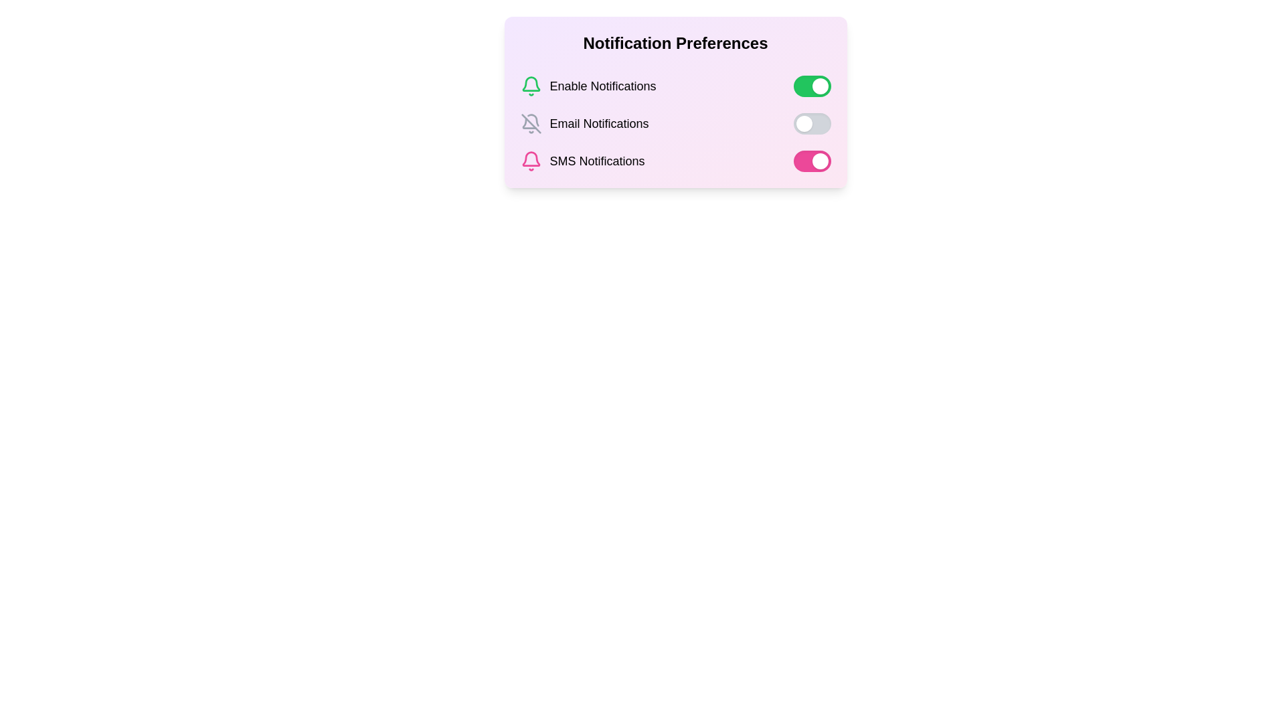 This screenshot has height=723, width=1285. I want to click on the text 'SMS Notifications' located in the notification preferences section, which is displayed in a bold black font adjacent to a pink bell icon, for copying, so click(596, 160).